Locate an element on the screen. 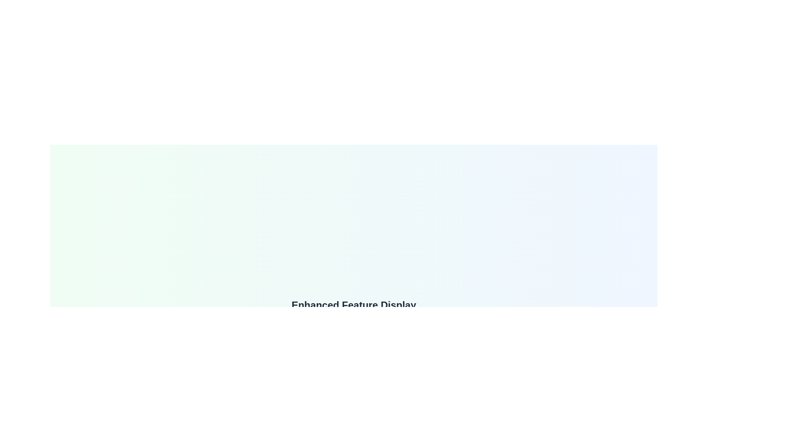 The width and height of the screenshot is (797, 448). displayed text of the heading label that serves as the title for the section above the list of features is located at coordinates (354, 305).